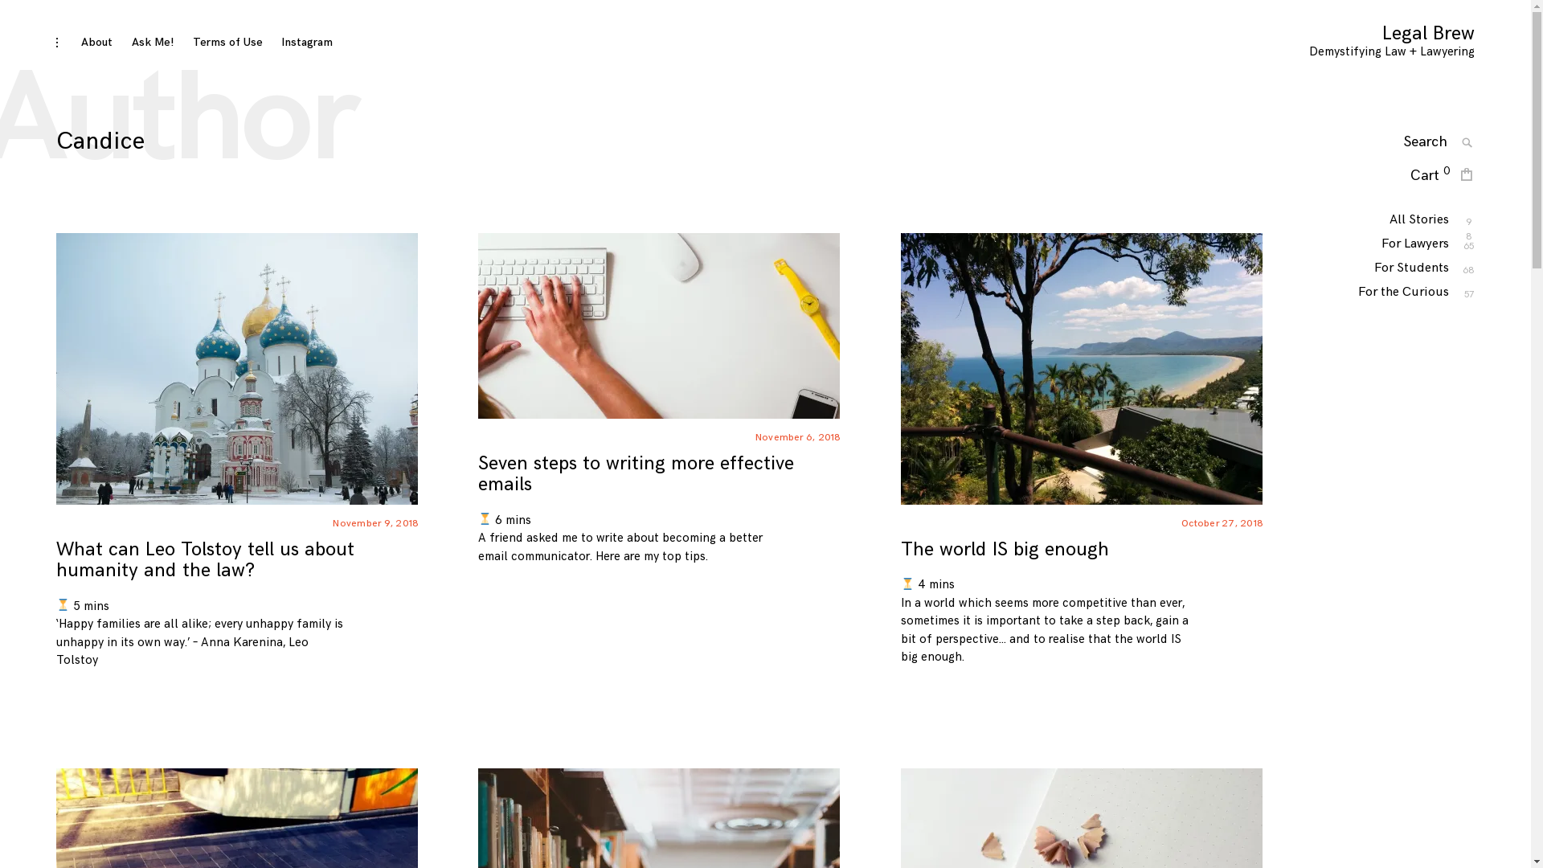  Describe the element at coordinates (1415, 244) in the screenshot. I see `'For Lawyers` at that location.